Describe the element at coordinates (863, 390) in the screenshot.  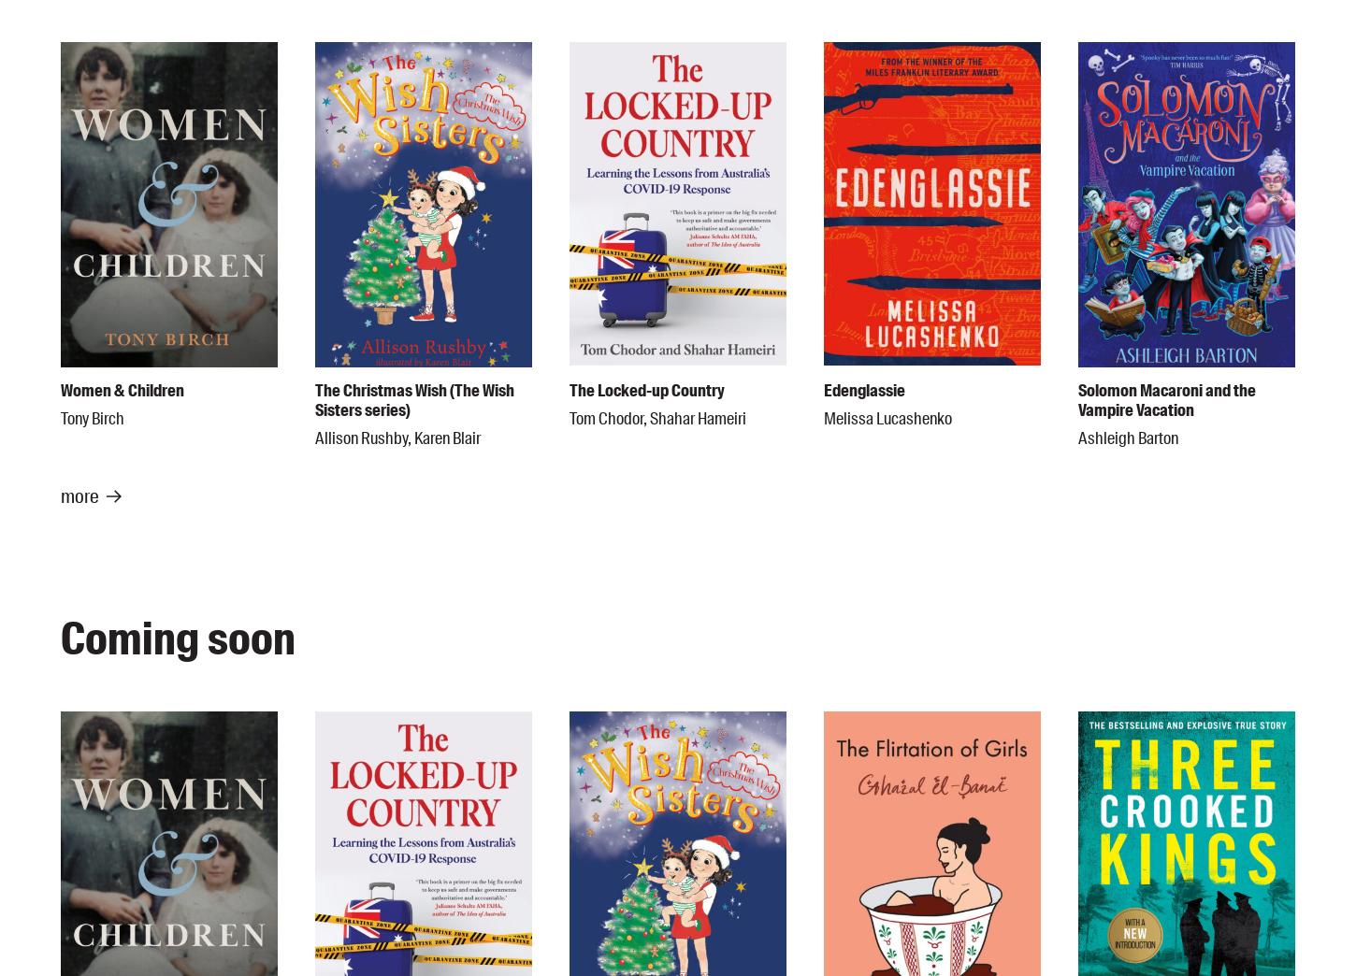
I see `'Edenglassie'` at that location.